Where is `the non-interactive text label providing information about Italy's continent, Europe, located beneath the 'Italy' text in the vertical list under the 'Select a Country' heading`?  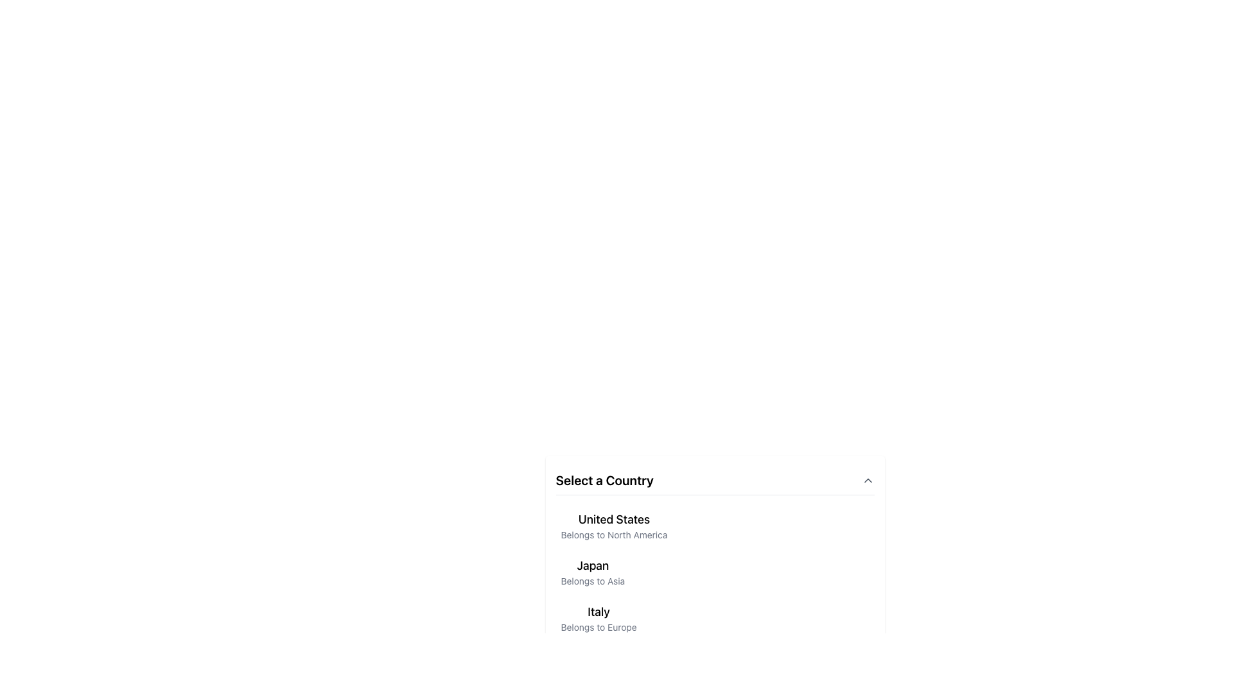 the non-interactive text label providing information about Italy's continent, Europe, located beneath the 'Italy' text in the vertical list under the 'Select a Country' heading is located at coordinates (598, 627).